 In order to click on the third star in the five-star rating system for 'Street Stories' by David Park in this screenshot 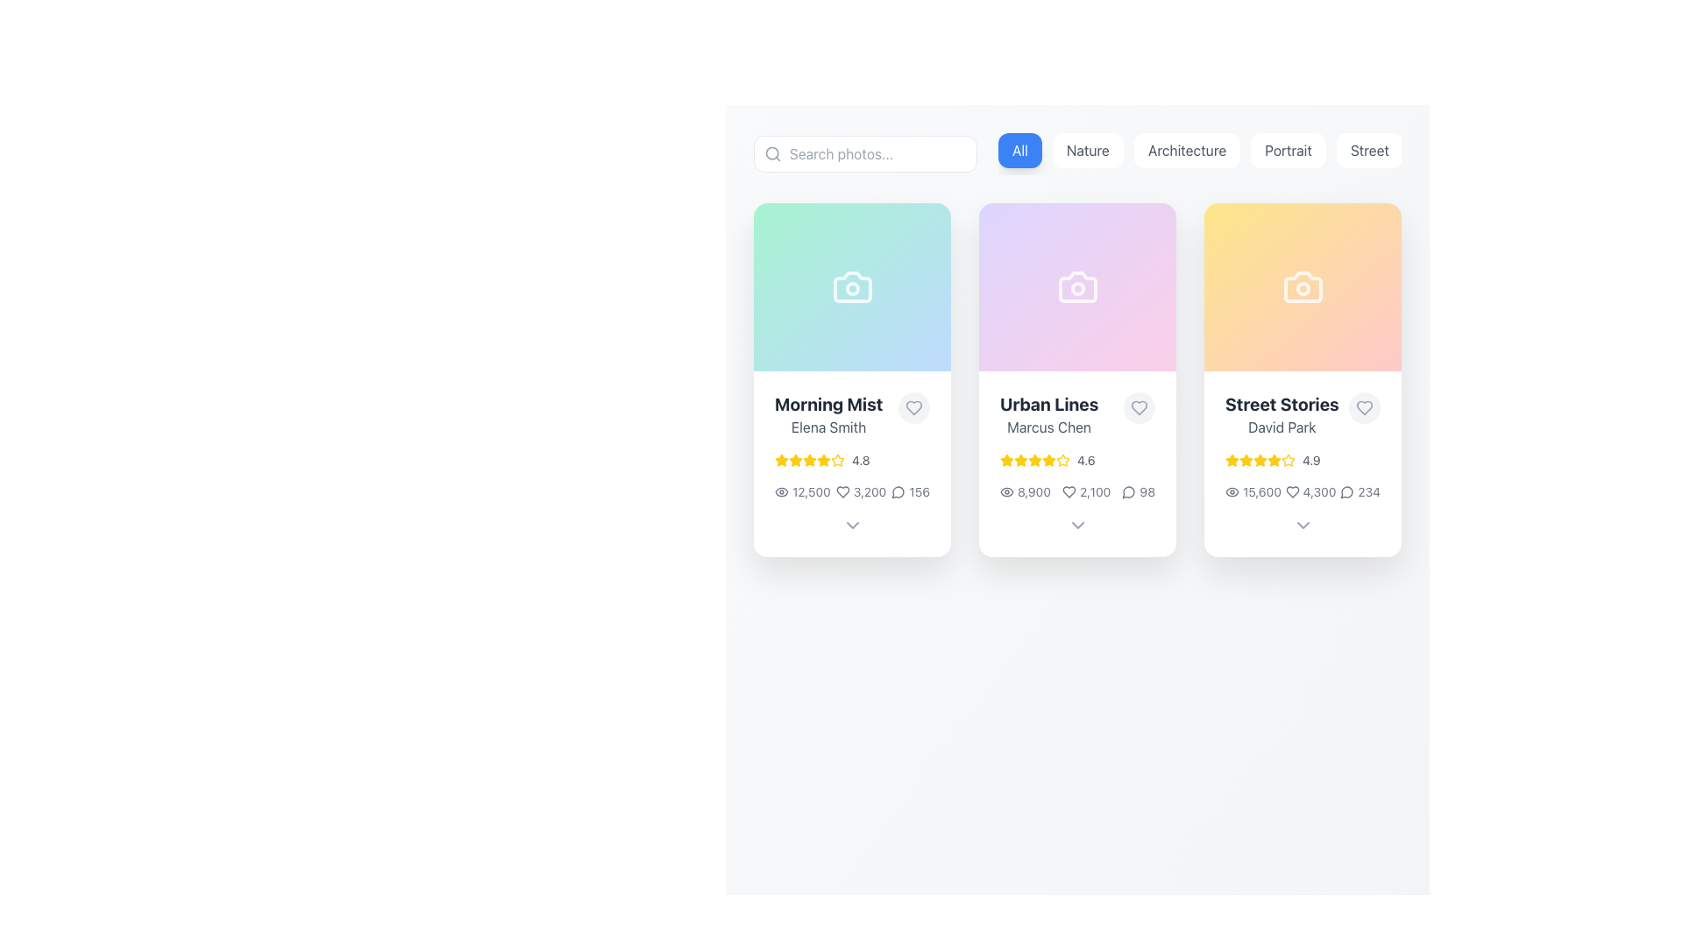, I will do `click(1260, 459)`.